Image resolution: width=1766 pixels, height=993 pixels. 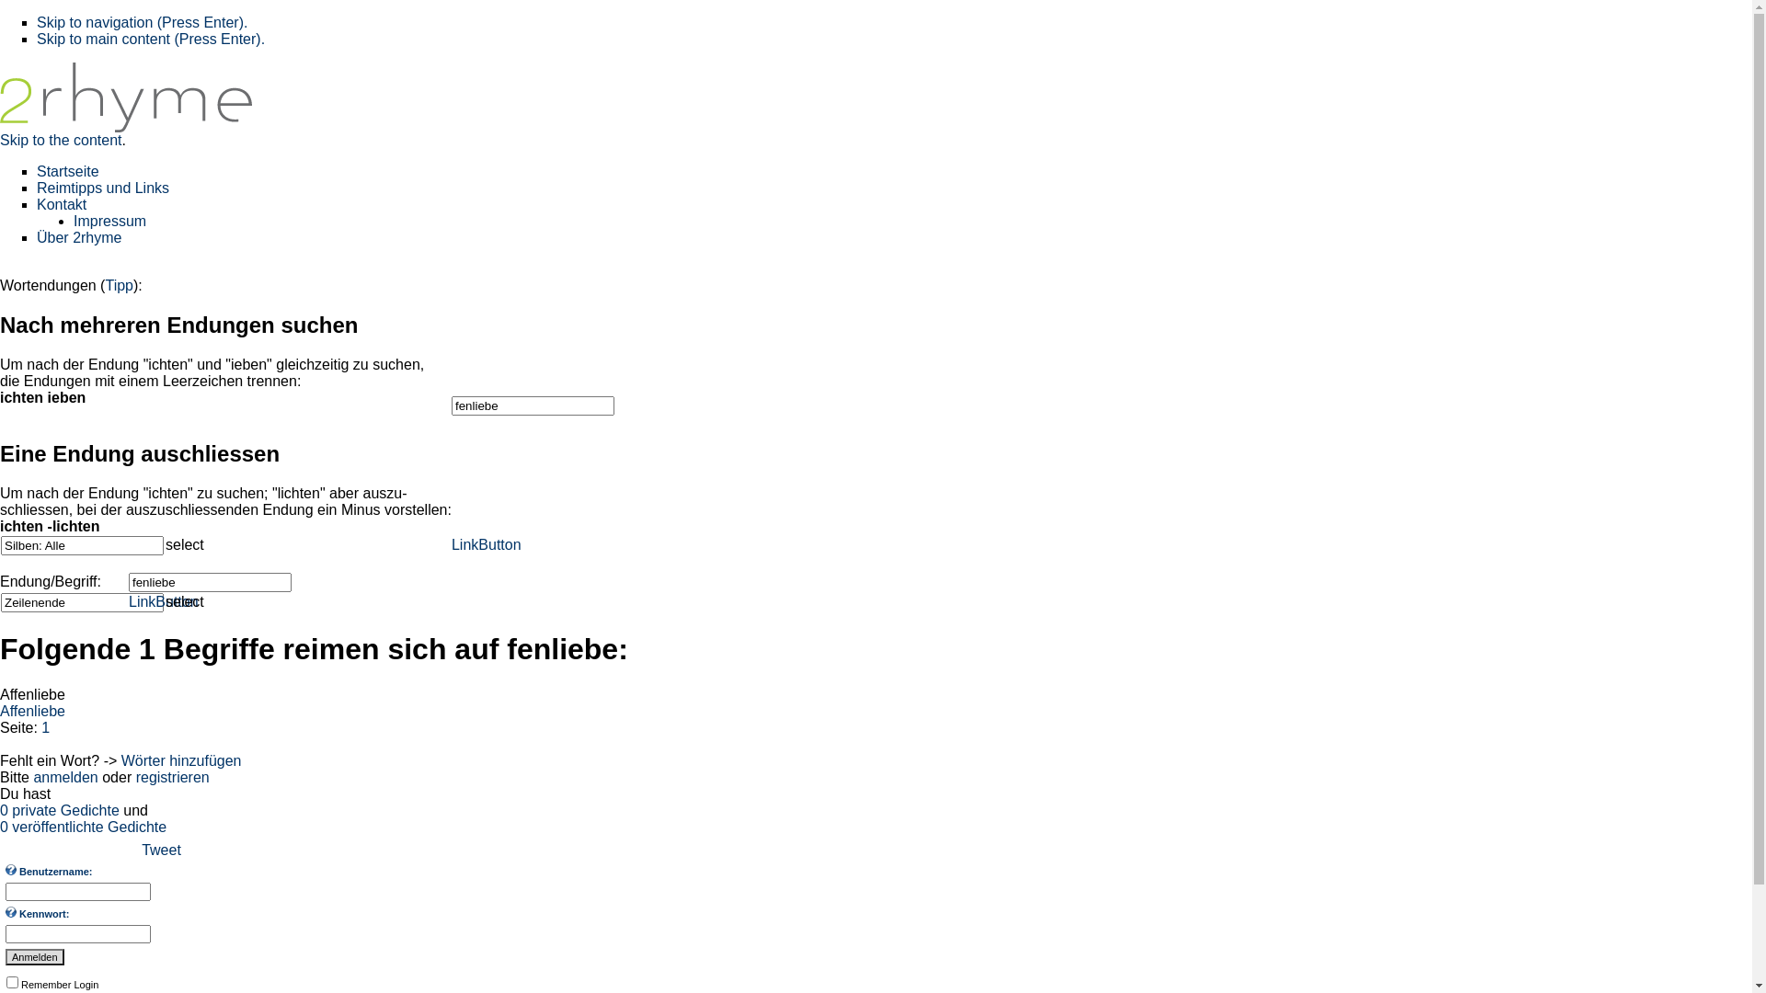 What do you see at coordinates (101, 188) in the screenshot?
I see `'Reimtipps und Links'` at bounding box center [101, 188].